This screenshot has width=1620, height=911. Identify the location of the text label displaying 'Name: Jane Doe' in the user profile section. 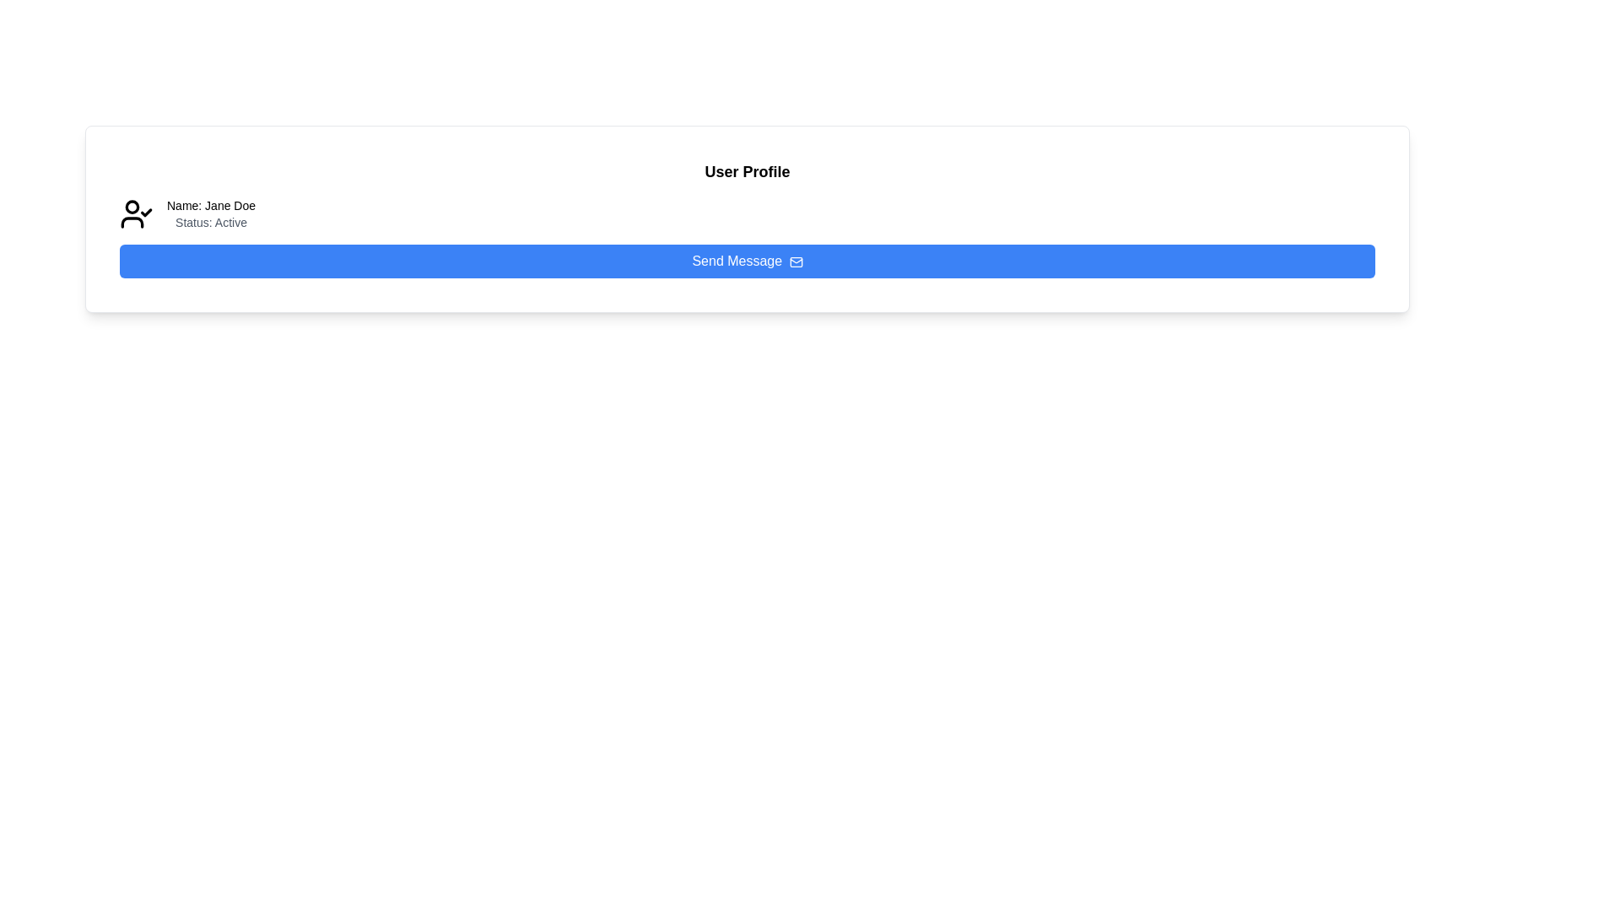
(210, 204).